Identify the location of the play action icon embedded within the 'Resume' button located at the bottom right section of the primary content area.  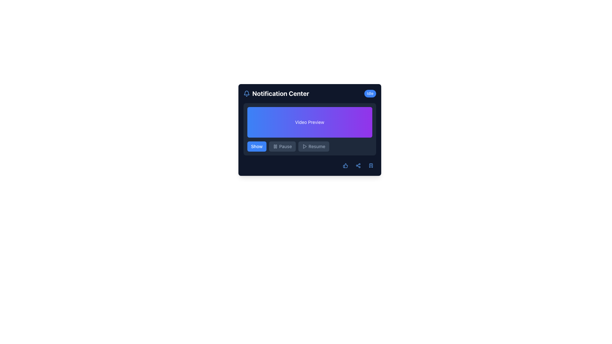
(304, 146).